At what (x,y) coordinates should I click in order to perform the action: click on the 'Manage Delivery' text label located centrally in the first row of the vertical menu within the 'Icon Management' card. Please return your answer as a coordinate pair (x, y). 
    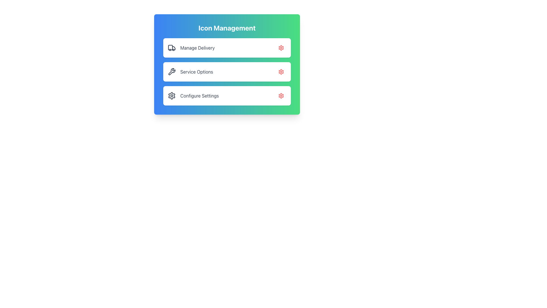
    Looking at the image, I should click on (197, 48).